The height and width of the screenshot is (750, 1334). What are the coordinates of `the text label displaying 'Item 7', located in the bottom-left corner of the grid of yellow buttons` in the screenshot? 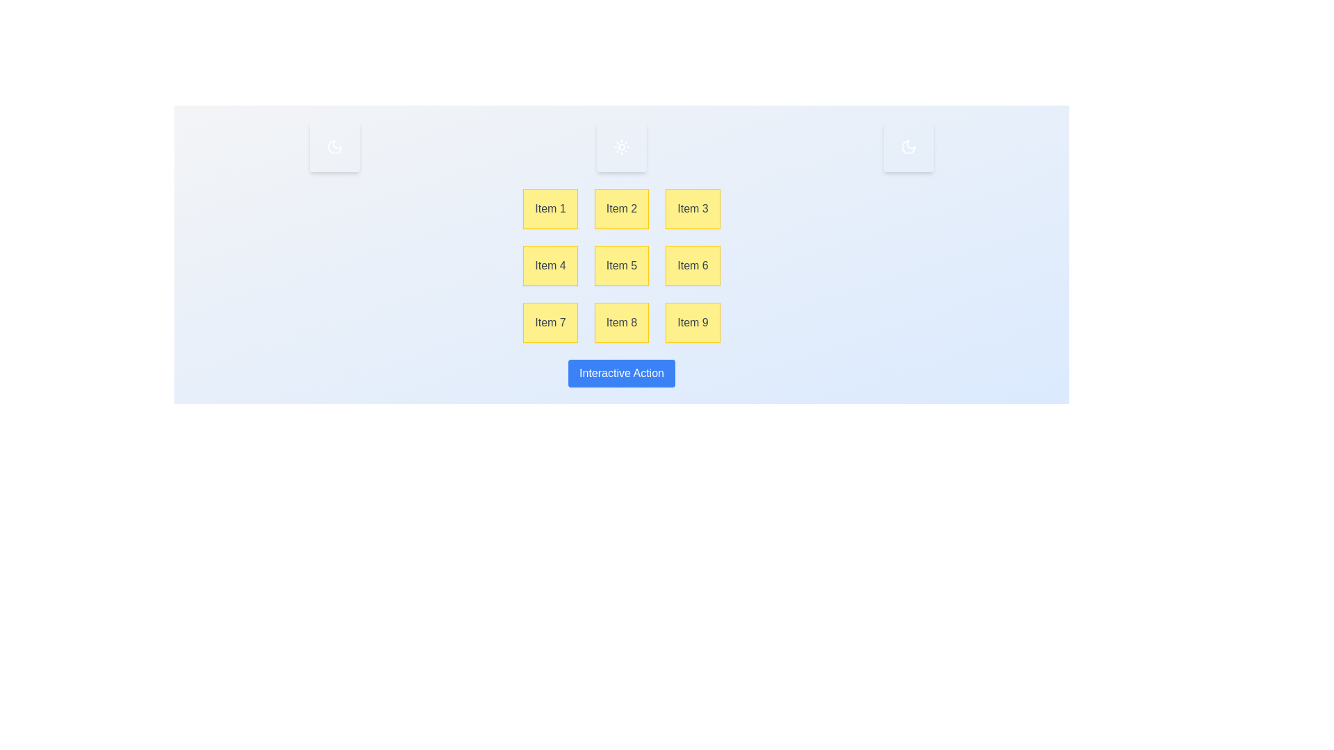 It's located at (550, 322).